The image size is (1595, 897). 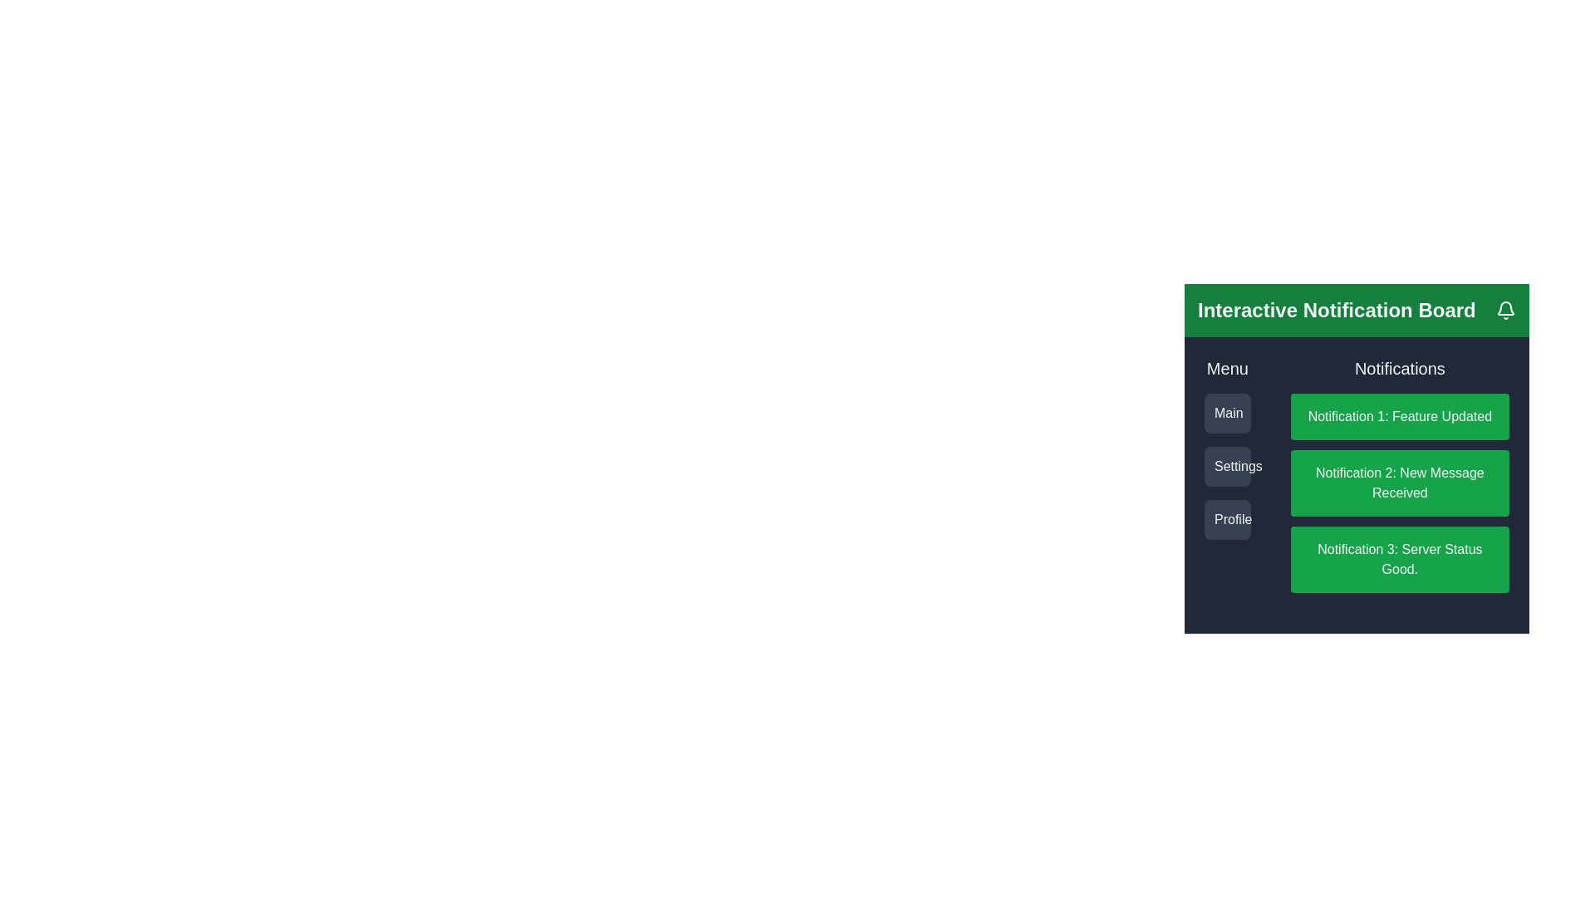 I want to click on the 'Menu' static text label, which is displayed in white with a larger font size at the top left section of a sidebar with a dark gray background, so click(x=1227, y=367).